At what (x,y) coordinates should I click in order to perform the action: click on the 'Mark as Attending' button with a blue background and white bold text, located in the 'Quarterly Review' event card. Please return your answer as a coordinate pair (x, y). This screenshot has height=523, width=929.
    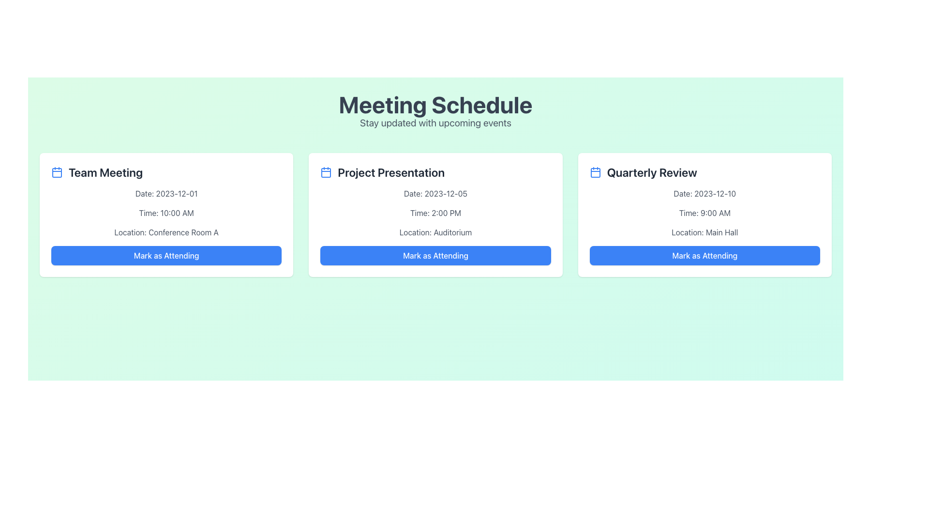
    Looking at the image, I should click on (704, 255).